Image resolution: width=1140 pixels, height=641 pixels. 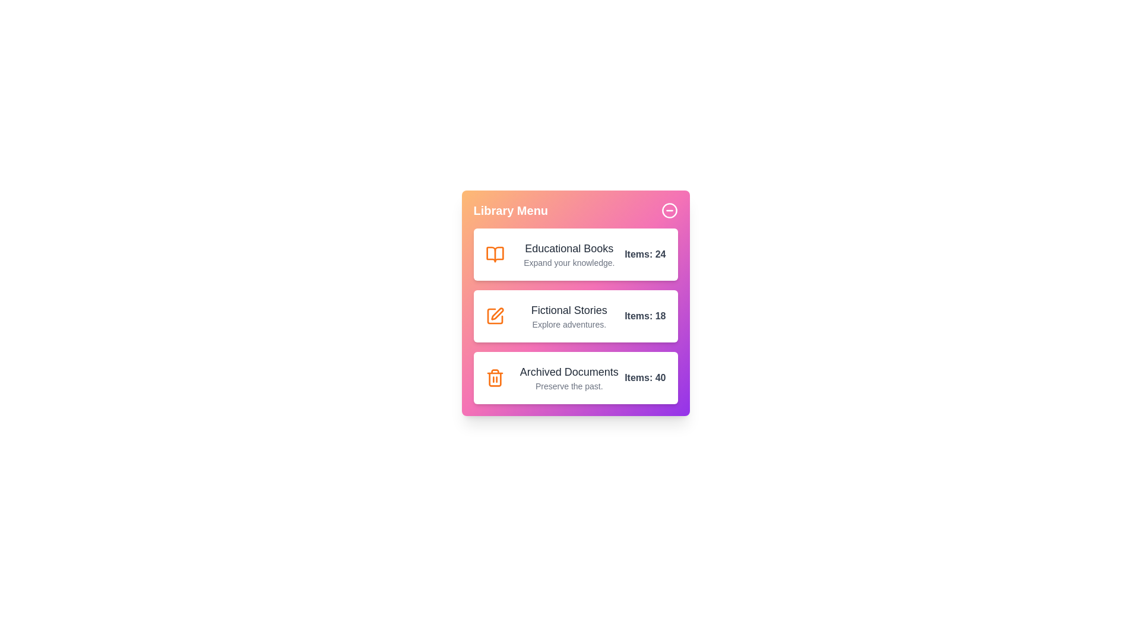 What do you see at coordinates (575, 315) in the screenshot?
I see `the category Fictional Stories to inspect its details` at bounding box center [575, 315].